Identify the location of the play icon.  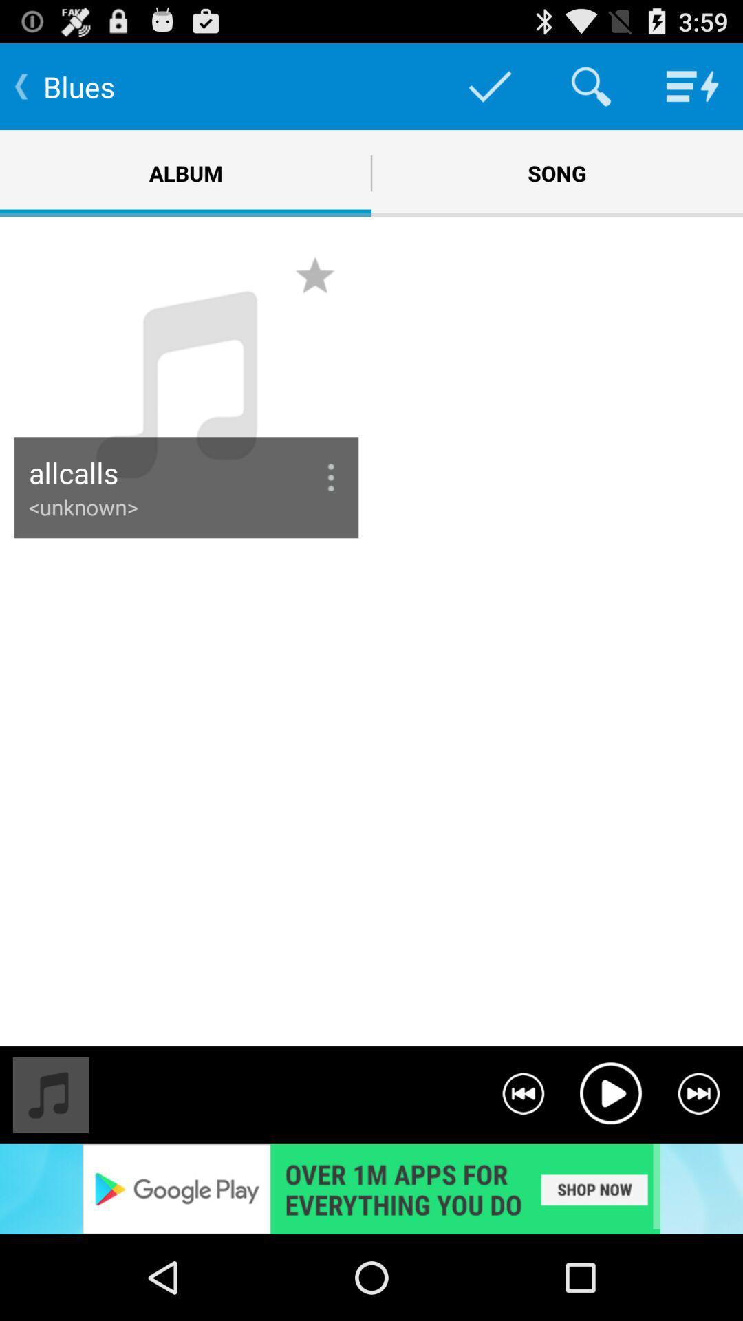
(610, 1169).